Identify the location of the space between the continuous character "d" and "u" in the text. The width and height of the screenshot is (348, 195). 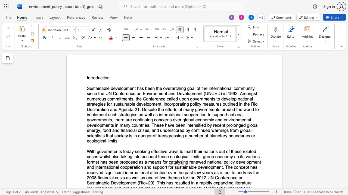
(98, 78).